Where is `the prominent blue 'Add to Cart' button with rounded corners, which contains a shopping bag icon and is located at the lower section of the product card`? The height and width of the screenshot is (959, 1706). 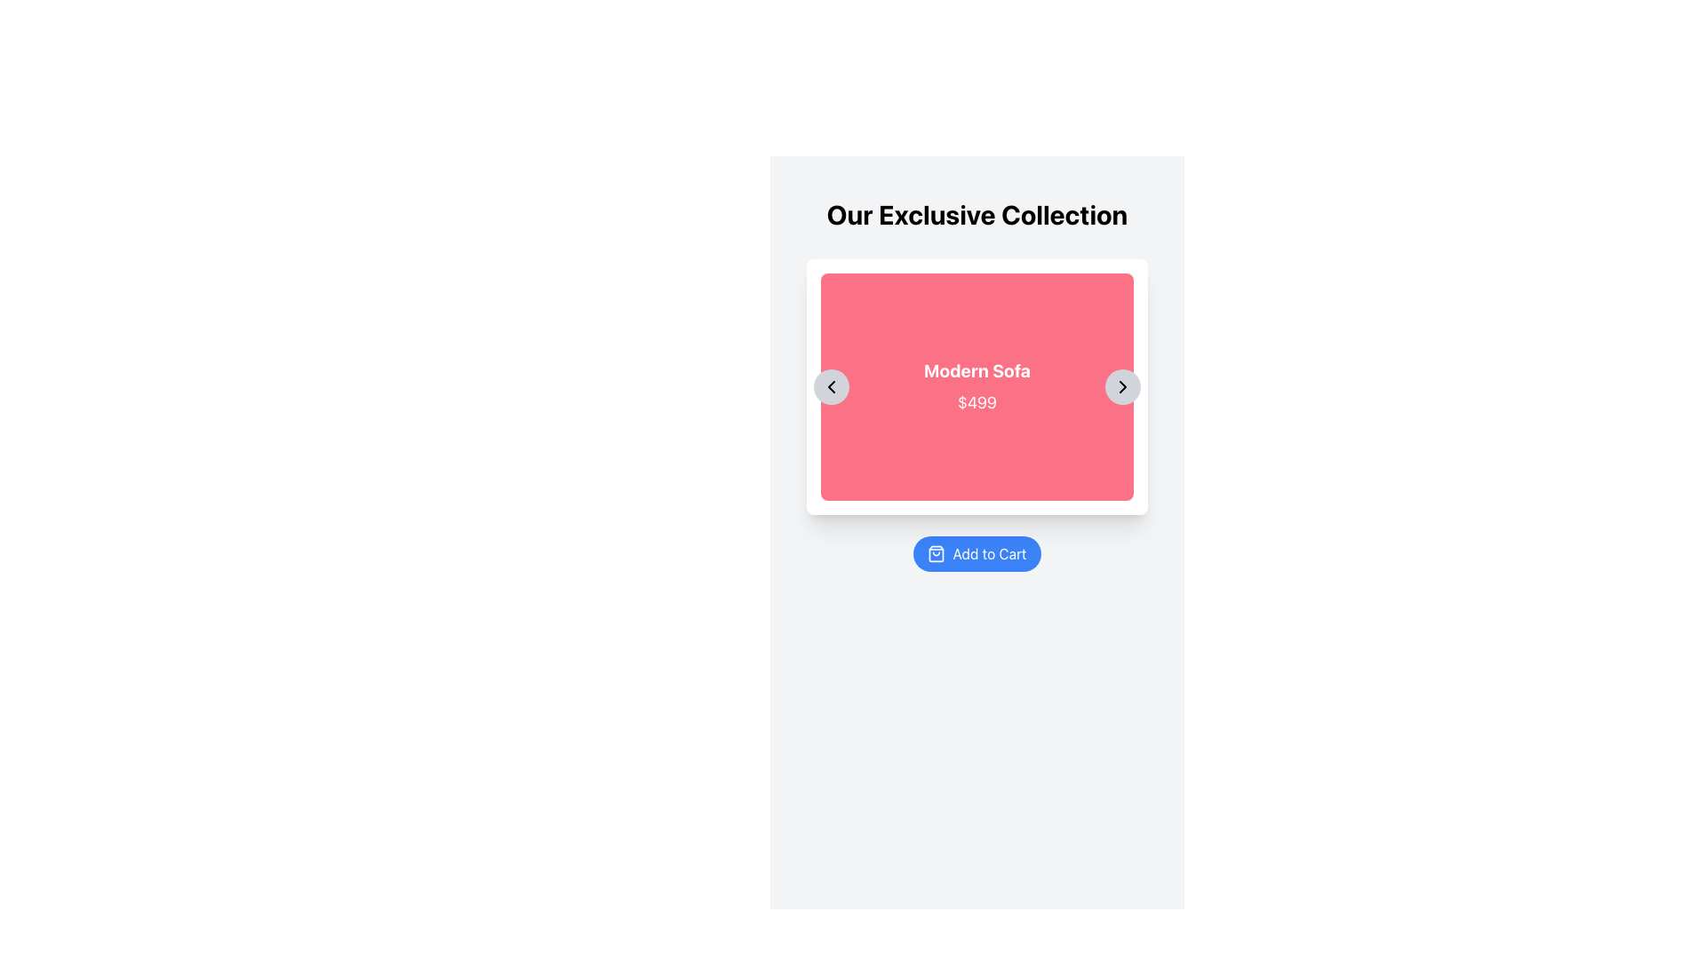 the prominent blue 'Add to Cart' button with rounded corners, which contains a shopping bag icon and is located at the lower section of the product card is located at coordinates (976, 553).